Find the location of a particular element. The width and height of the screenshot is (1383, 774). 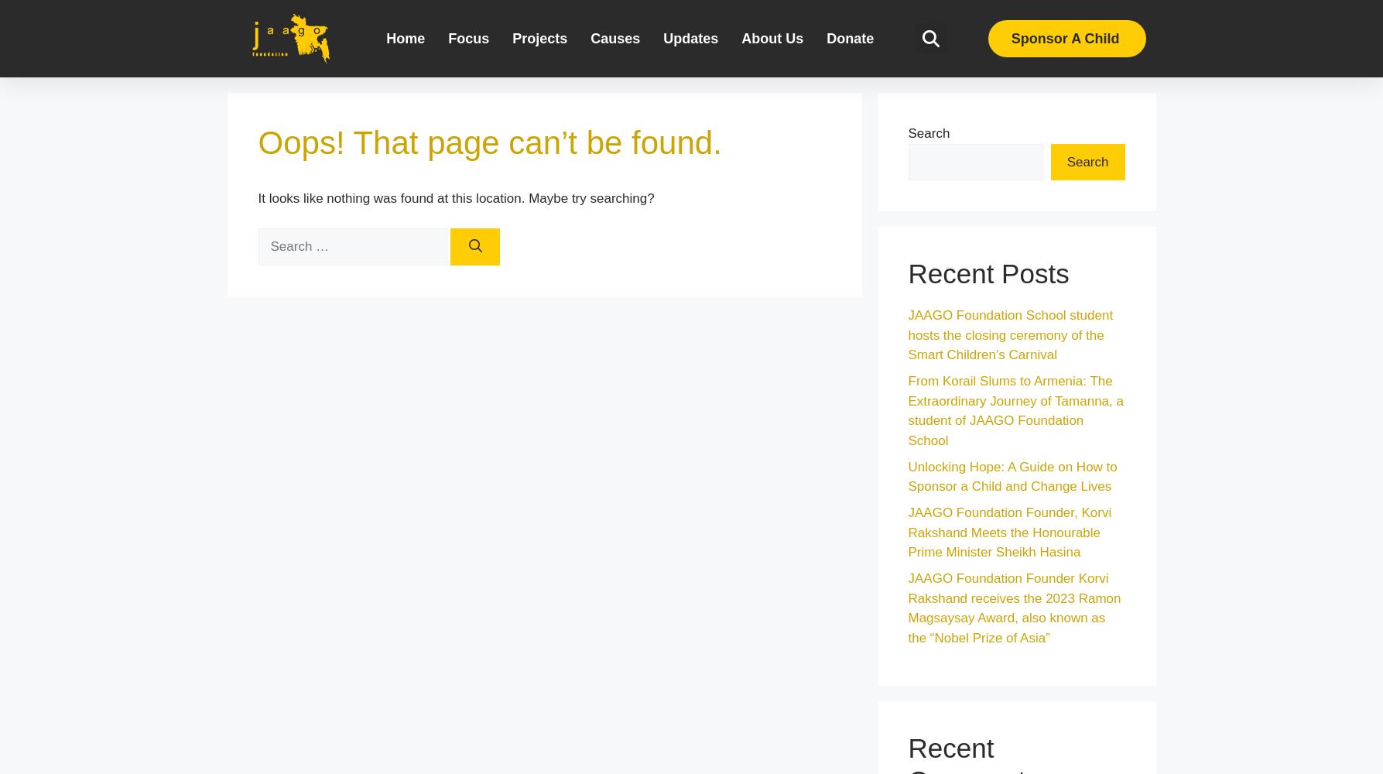

'JAAGO Foundation Founder Korvi Rakshand receives the 2023 Ramon Magsaysay Award, also known as the “Nobel Prize of Asia”' is located at coordinates (1013, 608).